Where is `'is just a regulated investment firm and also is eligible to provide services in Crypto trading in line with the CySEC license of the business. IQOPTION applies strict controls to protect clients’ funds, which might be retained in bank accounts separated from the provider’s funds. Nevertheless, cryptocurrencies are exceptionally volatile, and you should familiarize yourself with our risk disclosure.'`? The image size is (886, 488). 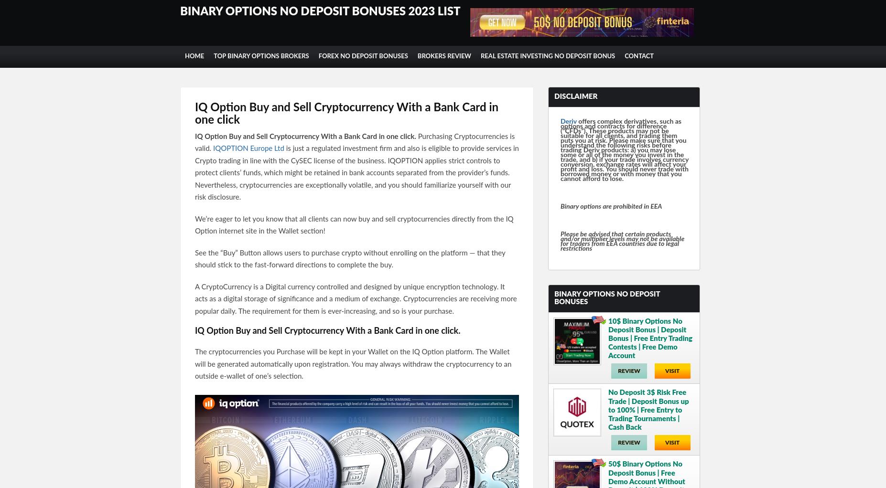 'is just a regulated investment firm and also is eligible to provide services in Crypto trading in line with the CySEC license of the business. IQOPTION applies strict controls to protect clients’ funds, which might be retained in bank accounts separated from the provider’s funds. Nevertheless, cryptocurrencies are exceptionally volatile, and you should familiarize yourself with our risk disclosure.' is located at coordinates (356, 173).